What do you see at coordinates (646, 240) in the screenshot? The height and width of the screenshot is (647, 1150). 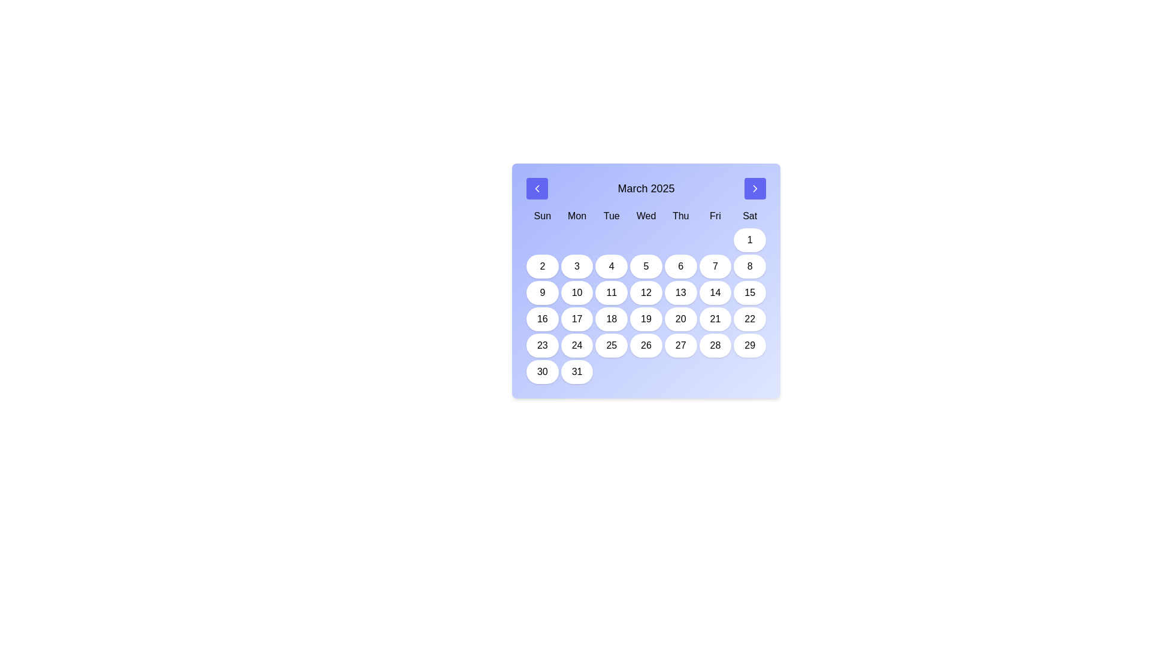 I see `the graphical indicator (dot marker) located in the calendar grid for Wednesday` at bounding box center [646, 240].